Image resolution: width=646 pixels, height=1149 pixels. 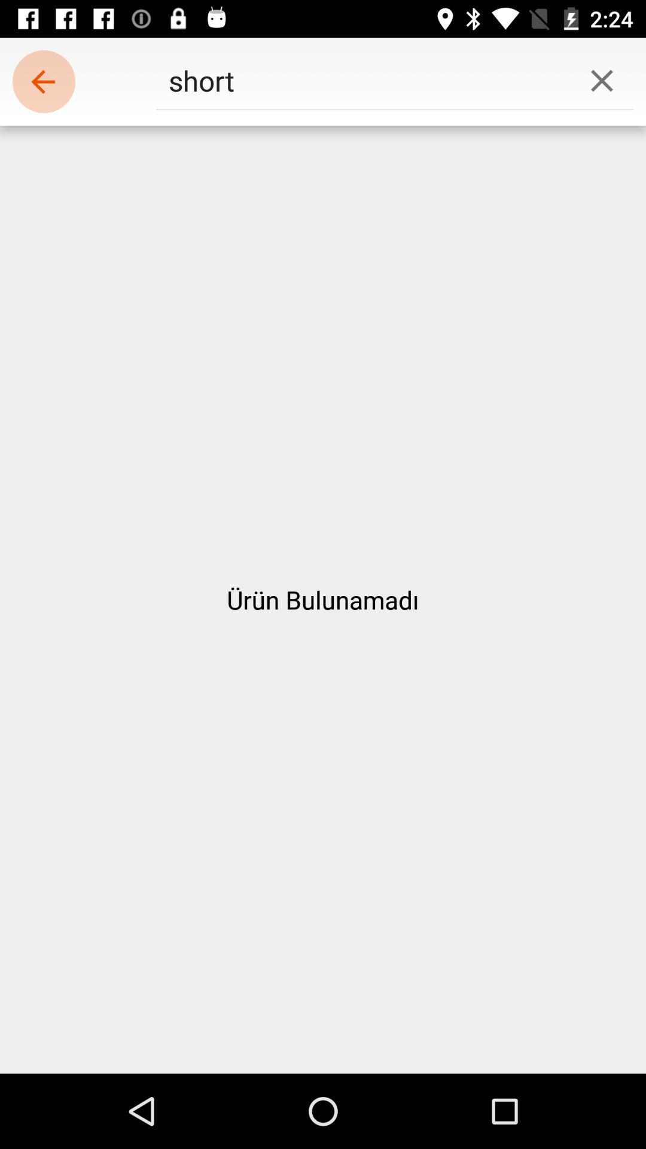 I want to click on the icon to the left of short icon, so click(x=43, y=81).